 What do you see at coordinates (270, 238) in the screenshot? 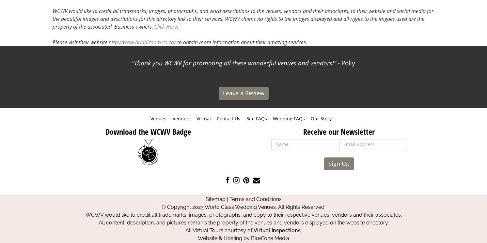
I see `'BlueTone Media'` at bounding box center [270, 238].